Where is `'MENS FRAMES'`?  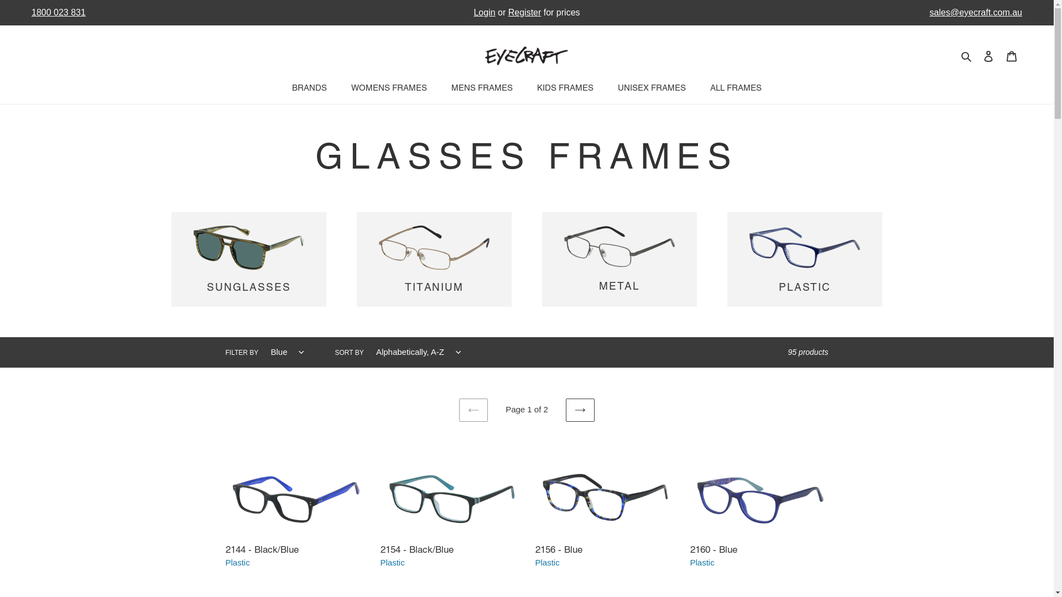
'MENS FRAMES' is located at coordinates (482, 88).